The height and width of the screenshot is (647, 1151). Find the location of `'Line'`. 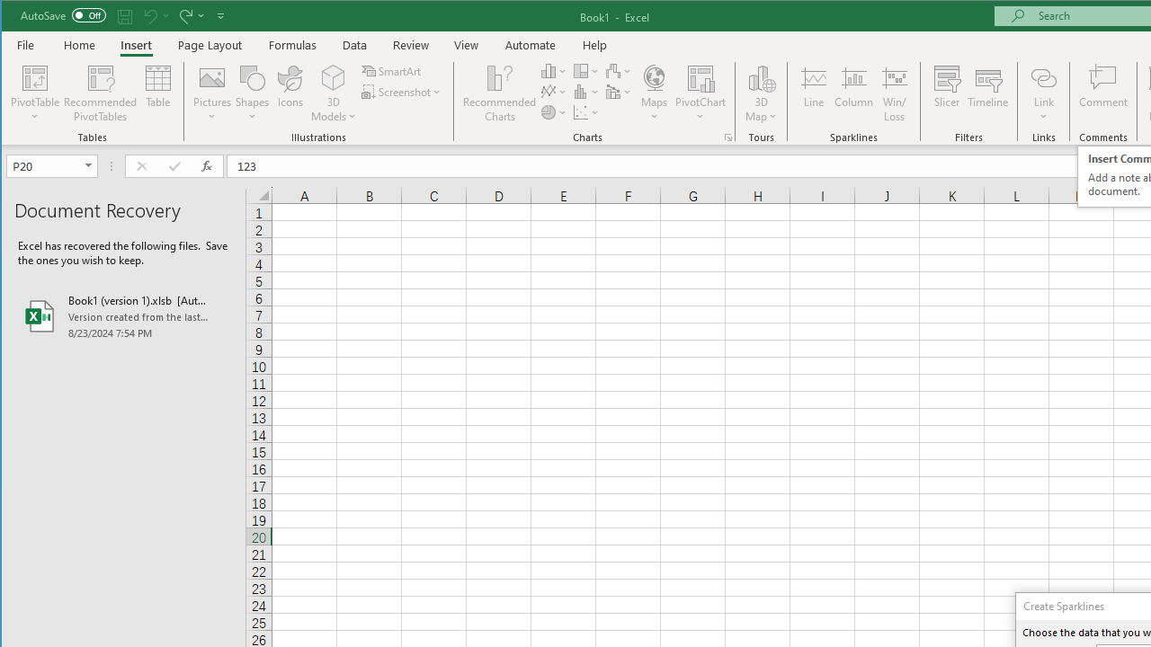

'Line' is located at coordinates (812, 93).